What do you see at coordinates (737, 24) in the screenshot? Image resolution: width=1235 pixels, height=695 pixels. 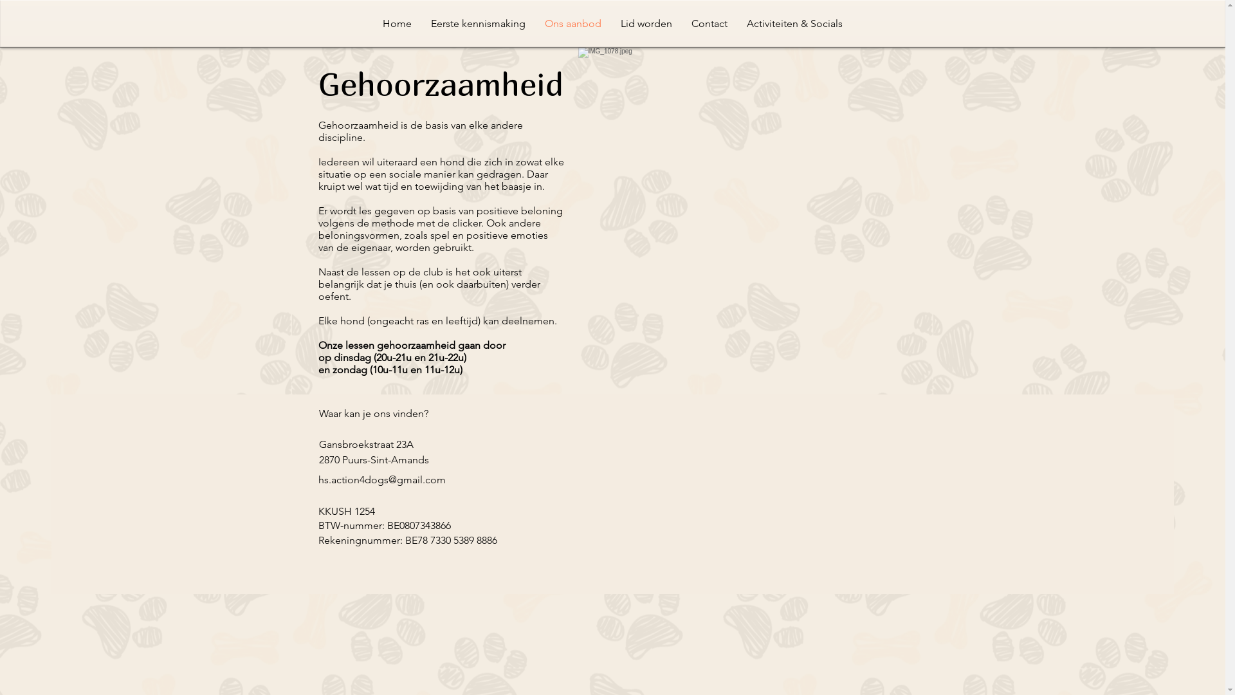 I see `'Activiteiten & Socials'` at bounding box center [737, 24].